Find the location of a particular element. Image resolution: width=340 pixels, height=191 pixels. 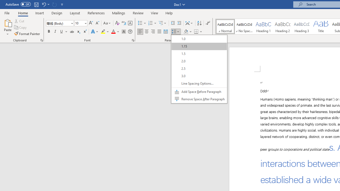

'Enclose Characters...' is located at coordinates (130, 32).